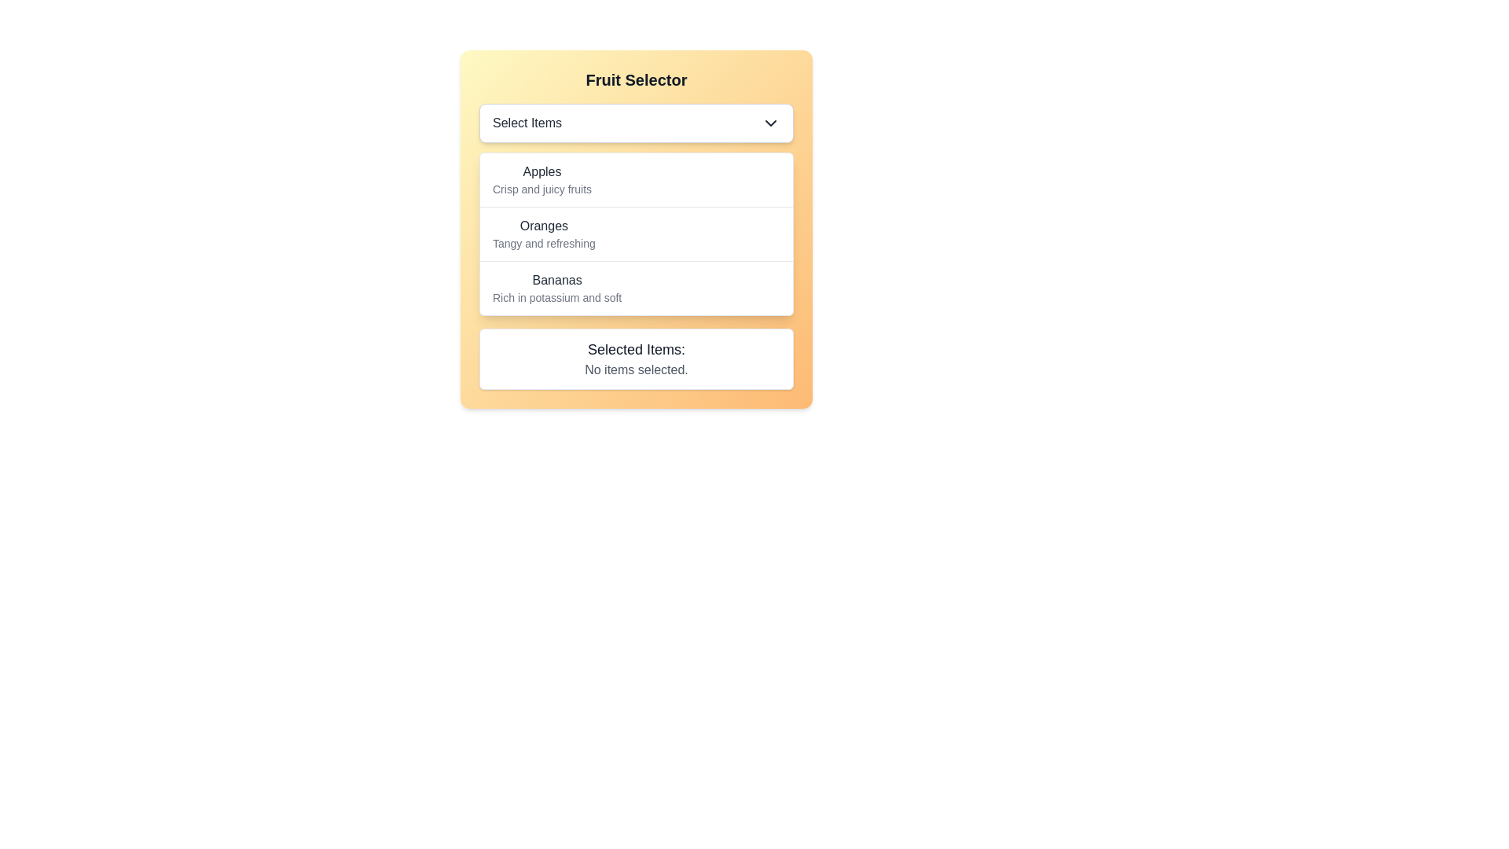  I want to click on the text label providing additional information about 'Bananas', located directly below the 'Bananas' text in the fruit selector dropdown, so click(557, 297).